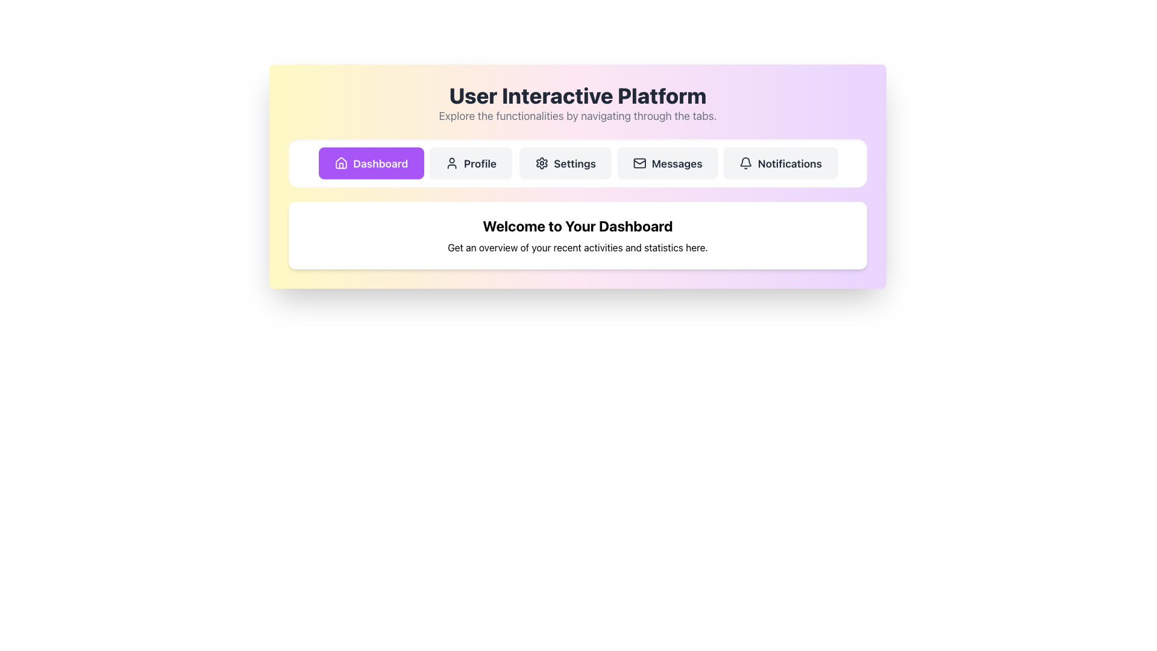  What do you see at coordinates (380, 163) in the screenshot?
I see `the 'Dashboard' label that serves as a navigation button indicator, located adjacent to the house-shaped icon in the top bar` at bounding box center [380, 163].